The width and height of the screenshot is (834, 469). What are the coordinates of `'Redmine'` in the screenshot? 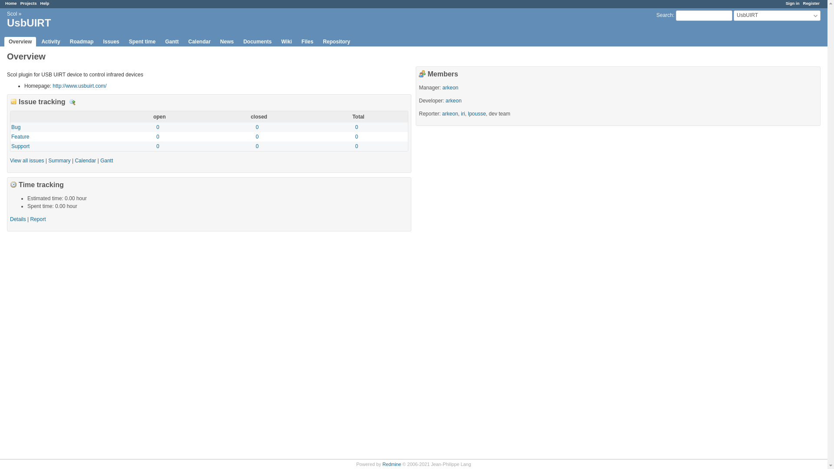 It's located at (382, 463).